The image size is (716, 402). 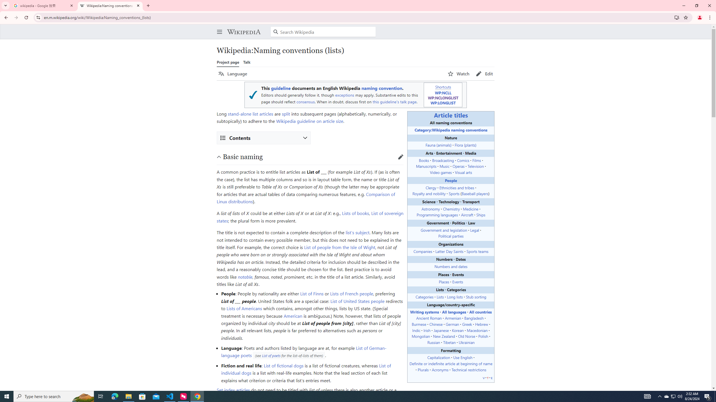 What do you see at coordinates (465, 145) in the screenshot?
I see `'Flora (plants)'` at bounding box center [465, 145].